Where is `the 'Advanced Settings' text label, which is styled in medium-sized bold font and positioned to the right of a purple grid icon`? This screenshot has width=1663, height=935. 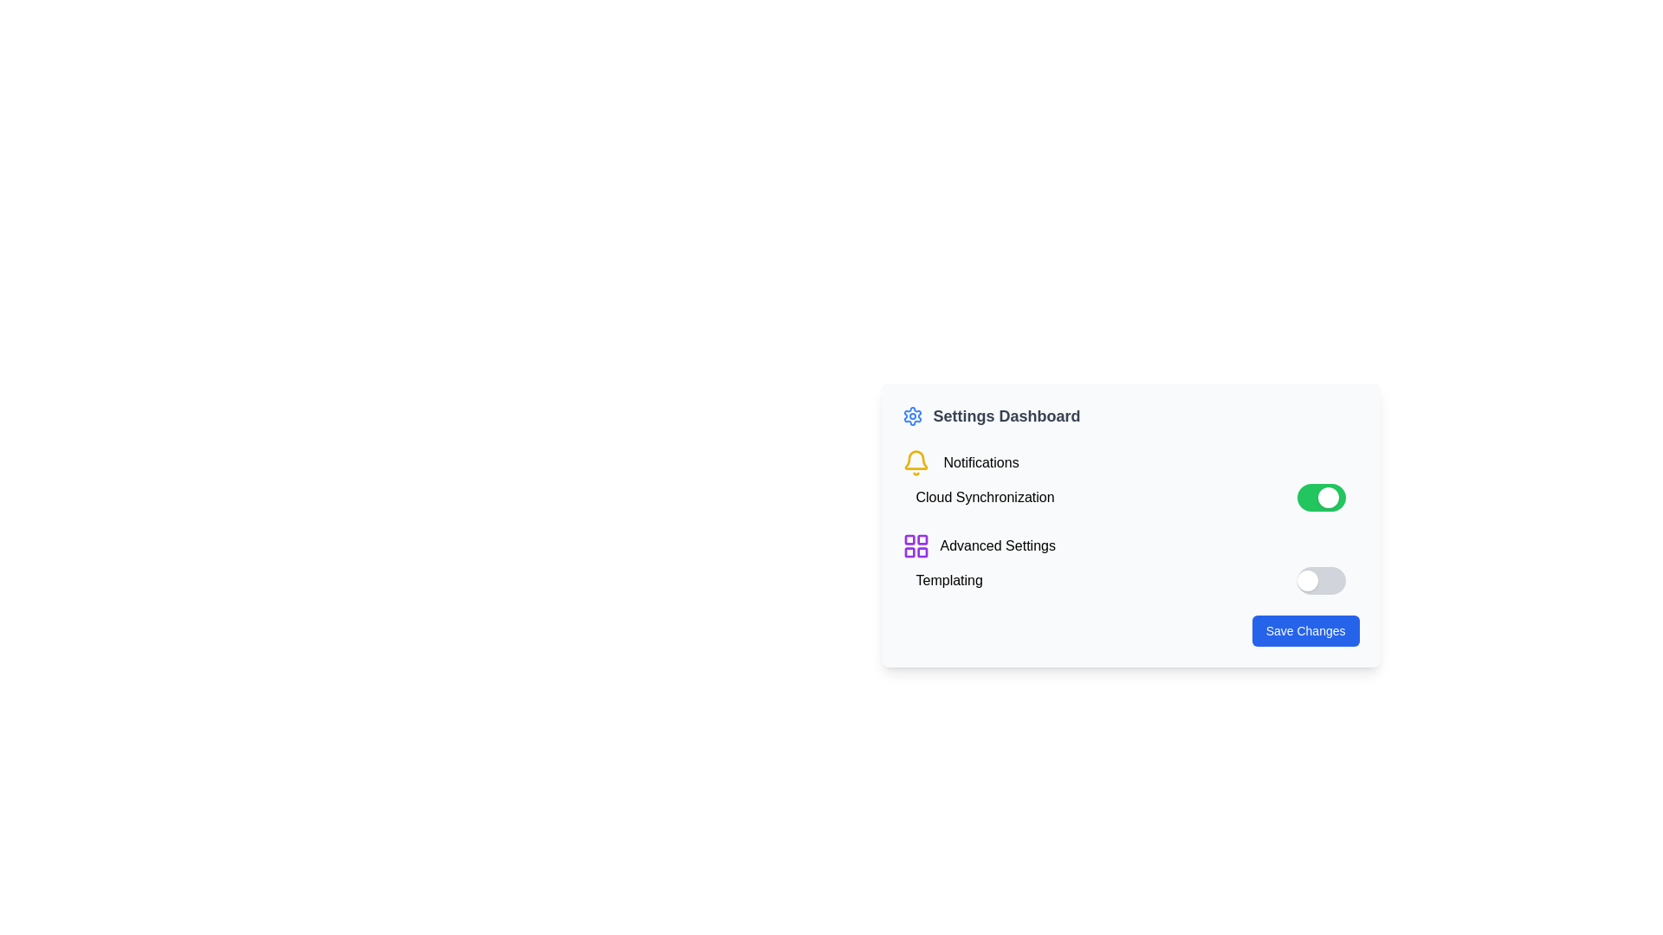
the 'Advanced Settings' text label, which is styled in medium-sized bold font and positioned to the right of a purple grid icon is located at coordinates (998, 546).